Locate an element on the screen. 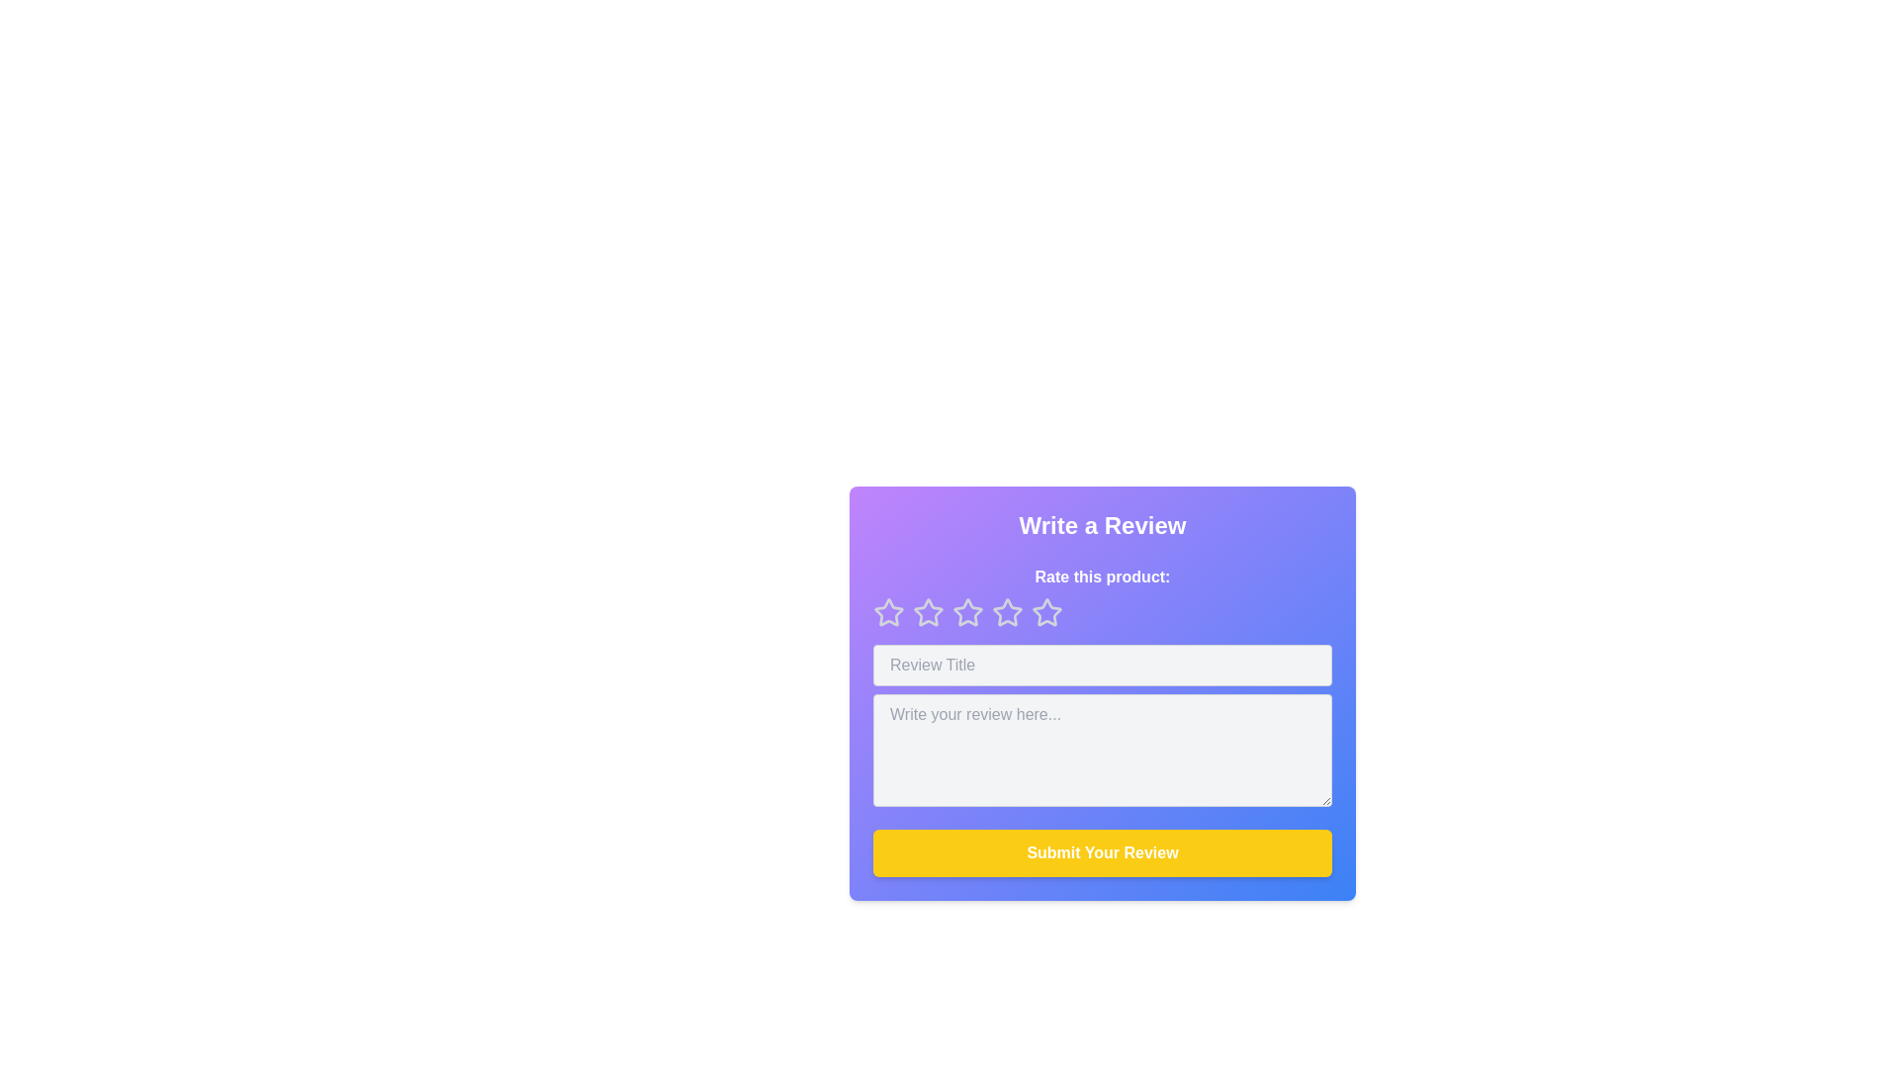  the hollow star icon with a gray stroke on a purple background, which is the third star in the rating system is located at coordinates (1006, 610).